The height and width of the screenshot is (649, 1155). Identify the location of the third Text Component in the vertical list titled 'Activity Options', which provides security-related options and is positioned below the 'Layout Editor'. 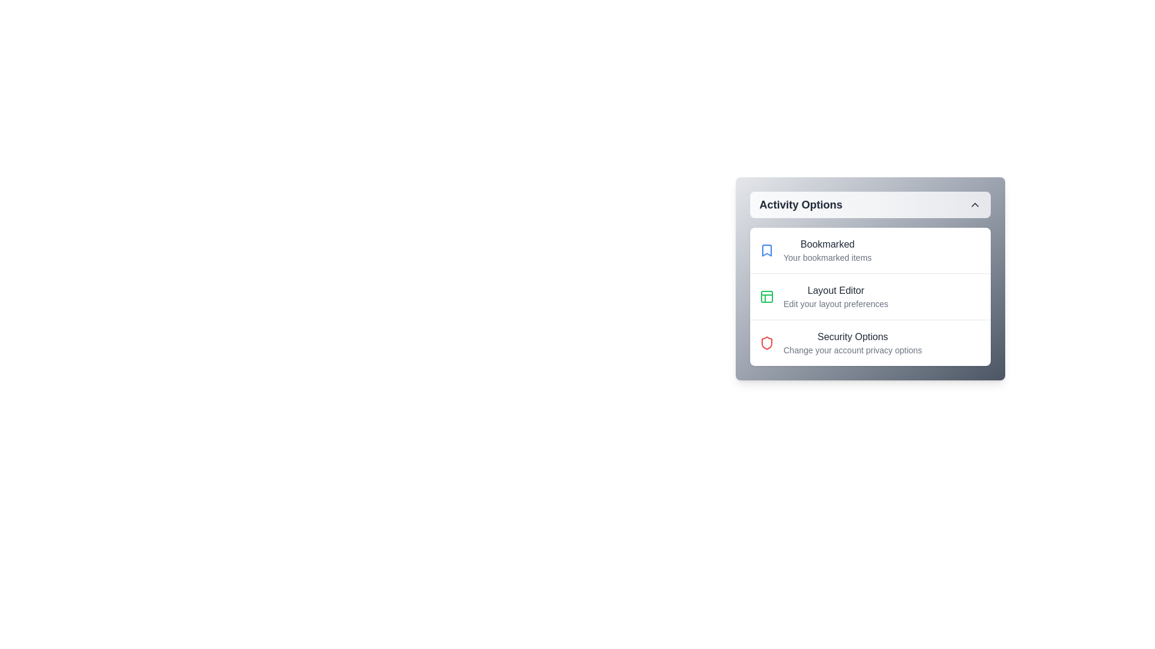
(852, 343).